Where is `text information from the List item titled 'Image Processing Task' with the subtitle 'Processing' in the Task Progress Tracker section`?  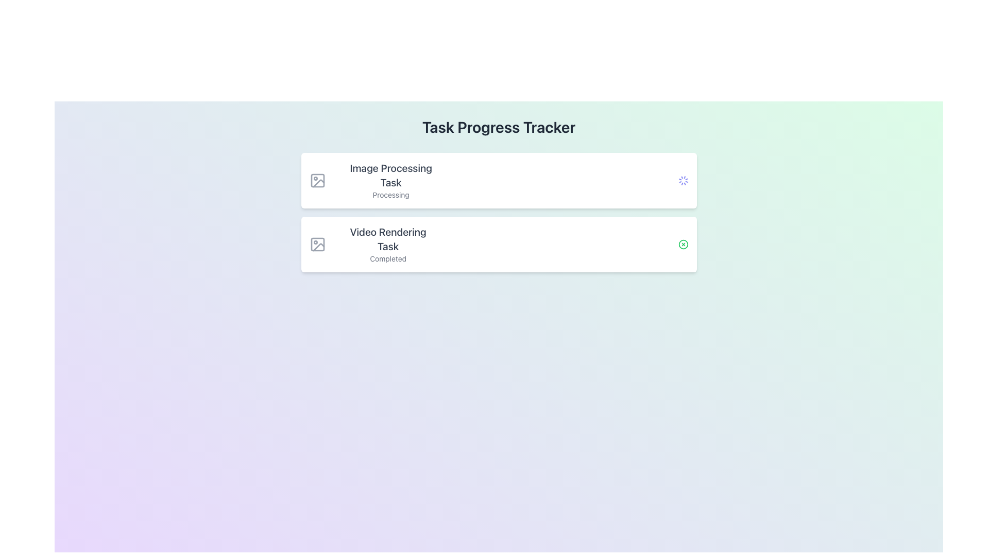
text information from the List item titled 'Image Processing Task' with the subtitle 'Processing' in the Task Progress Tracker section is located at coordinates (390, 180).